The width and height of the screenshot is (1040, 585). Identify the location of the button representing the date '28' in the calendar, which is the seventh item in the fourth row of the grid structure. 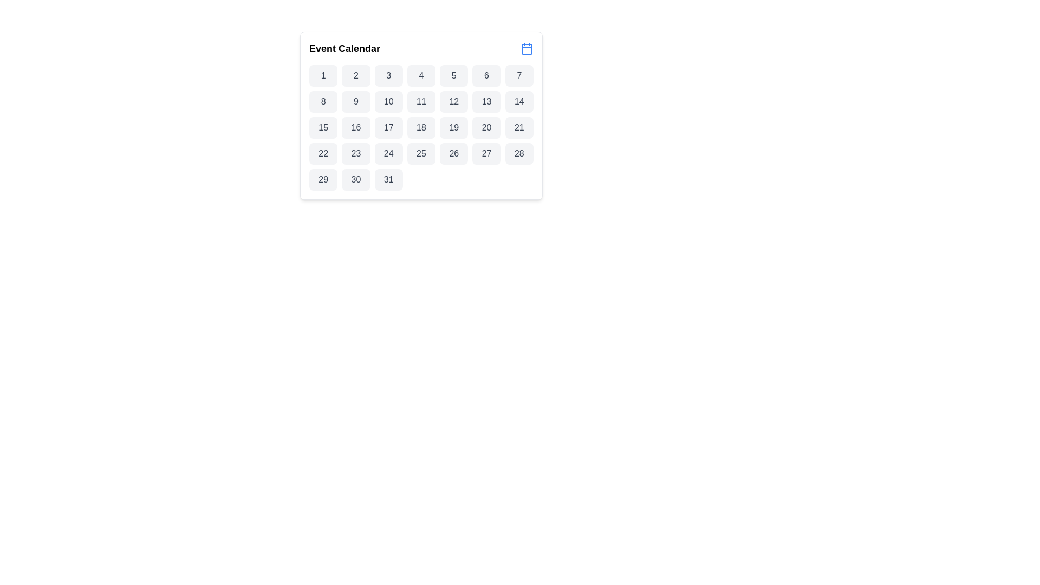
(518, 154).